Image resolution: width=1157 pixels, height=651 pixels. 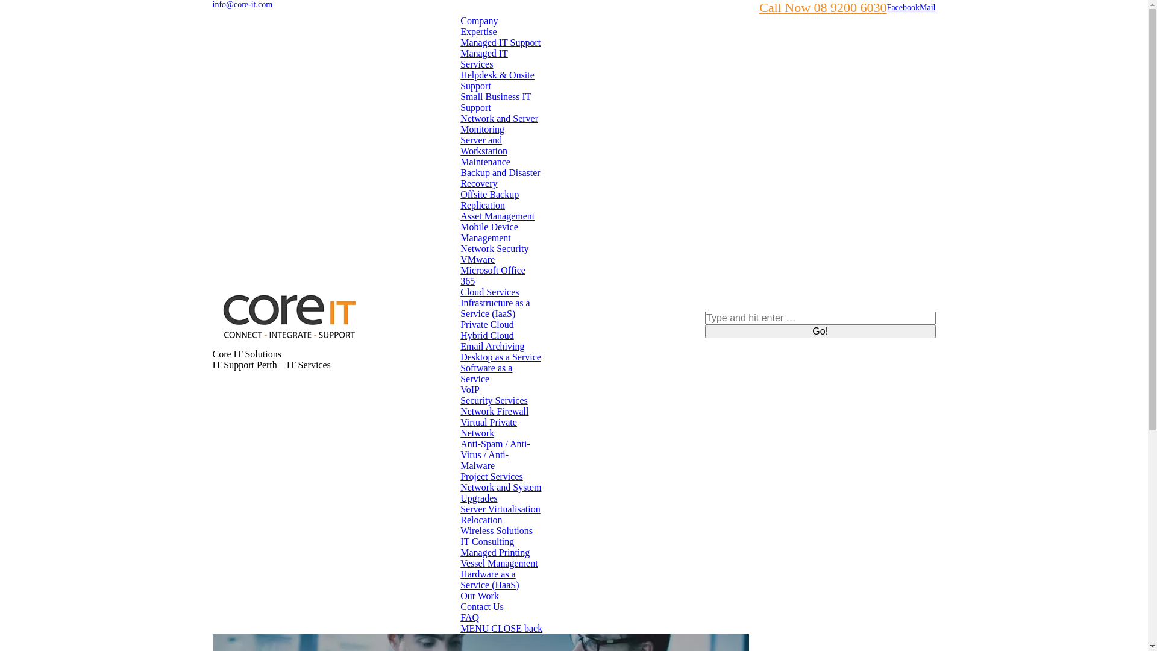 I want to click on 'Anti-Spam / Anti-Virus / Anti-Malware', so click(x=495, y=454).